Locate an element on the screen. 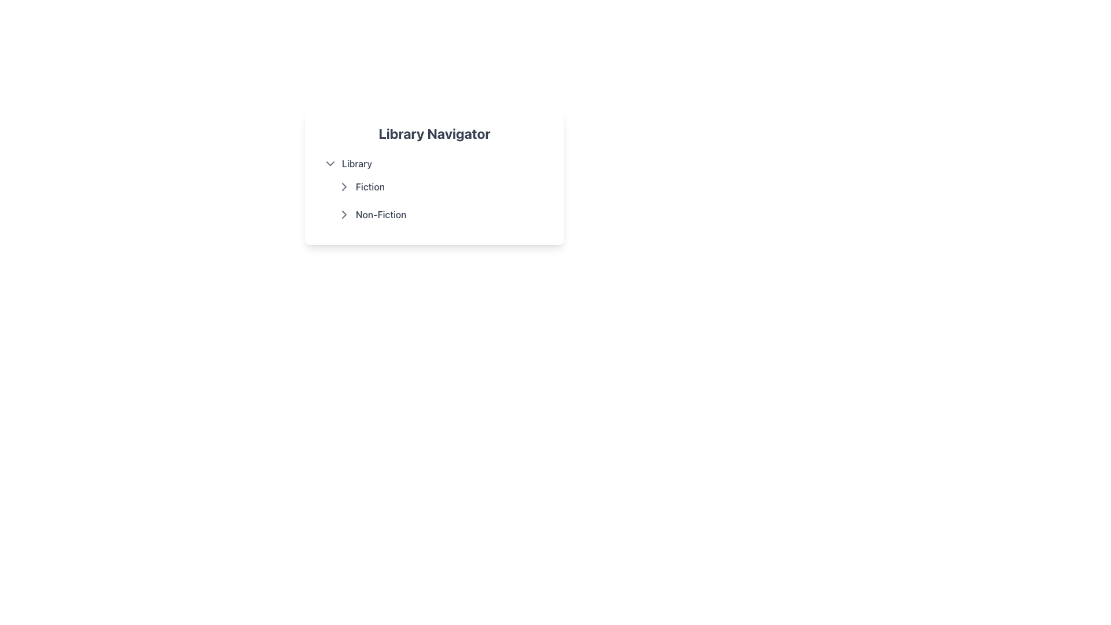 Image resolution: width=1111 pixels, height=625 pixels. the right-pointing chevron arrow button, located to the left of the text 'Fiction' in the library navigation list is located at coordinates (344, 186).